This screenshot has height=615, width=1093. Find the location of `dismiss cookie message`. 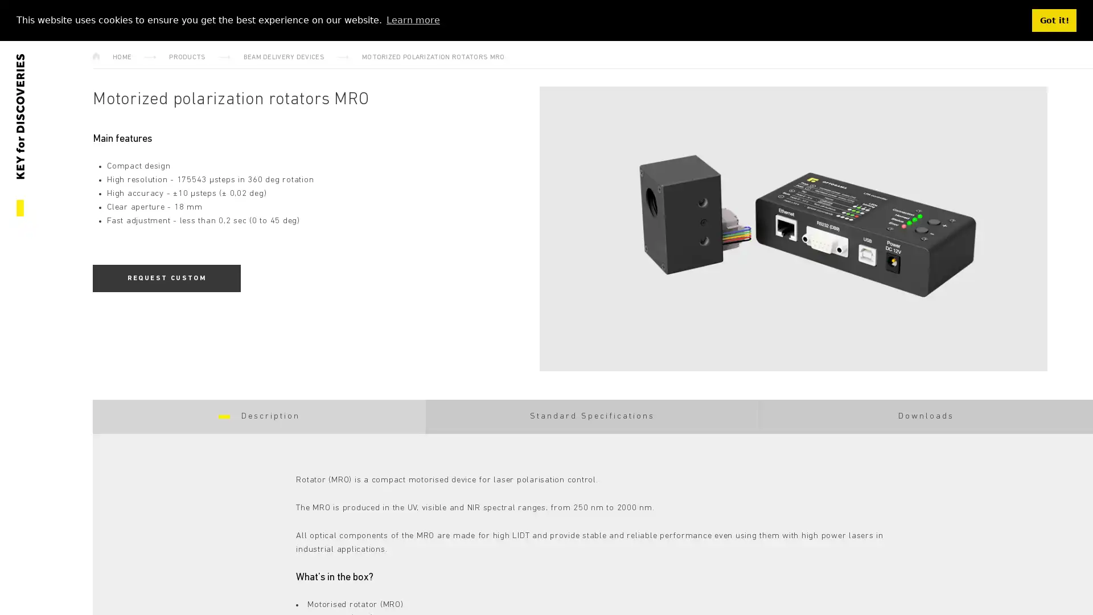

dismiss cookie message is located at coordinates (1054, 20).